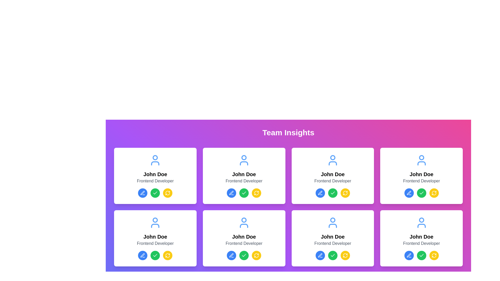  What do you see at coordinates (155, 244) in the screenshot?
I see `the text label displaying the job role 'Frontend Developer', which is located within a card with a white background and rounded corners, positioned below the name 'John Doe' and above a row of colored buttons` at bounding box center [155, 244].